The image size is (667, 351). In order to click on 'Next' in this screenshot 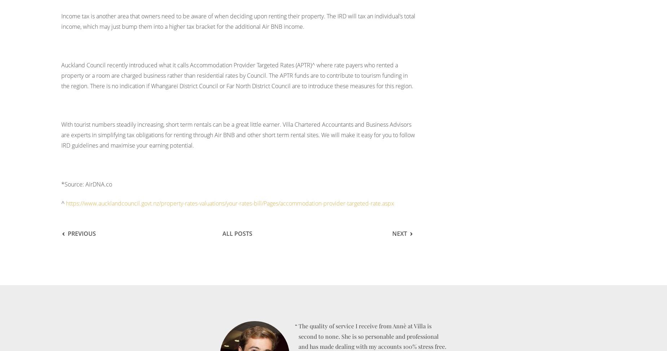, I will do `click(399, 233)`.